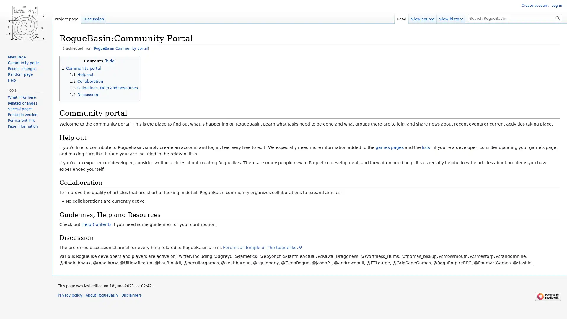 The image size is (567, 319). What do you see at coordinates (558, 18) in the screenshot?
I see `Go` at bounding box center [558, 18].